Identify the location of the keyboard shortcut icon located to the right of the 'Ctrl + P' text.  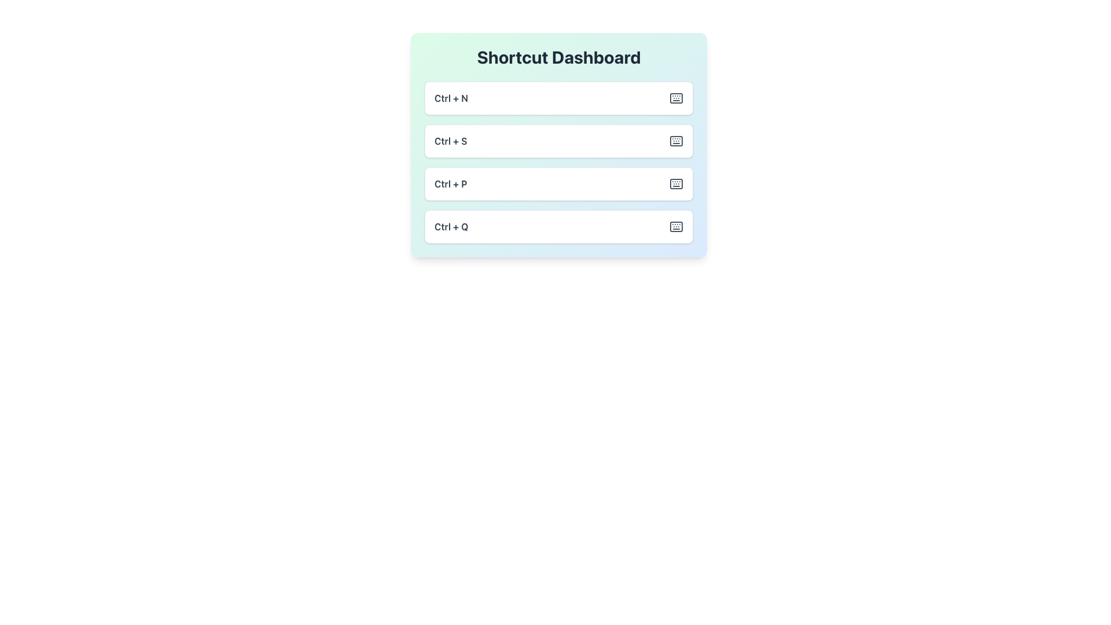
(676, 183).